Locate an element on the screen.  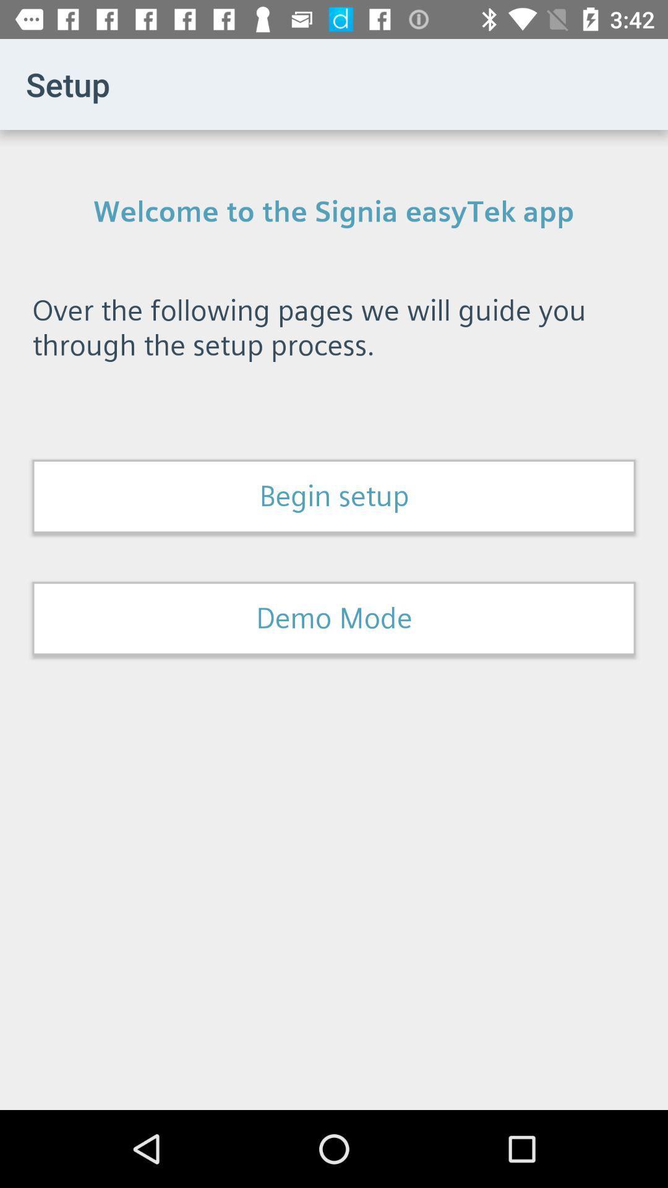
begin setup icon is located at coordinates (334, 496).